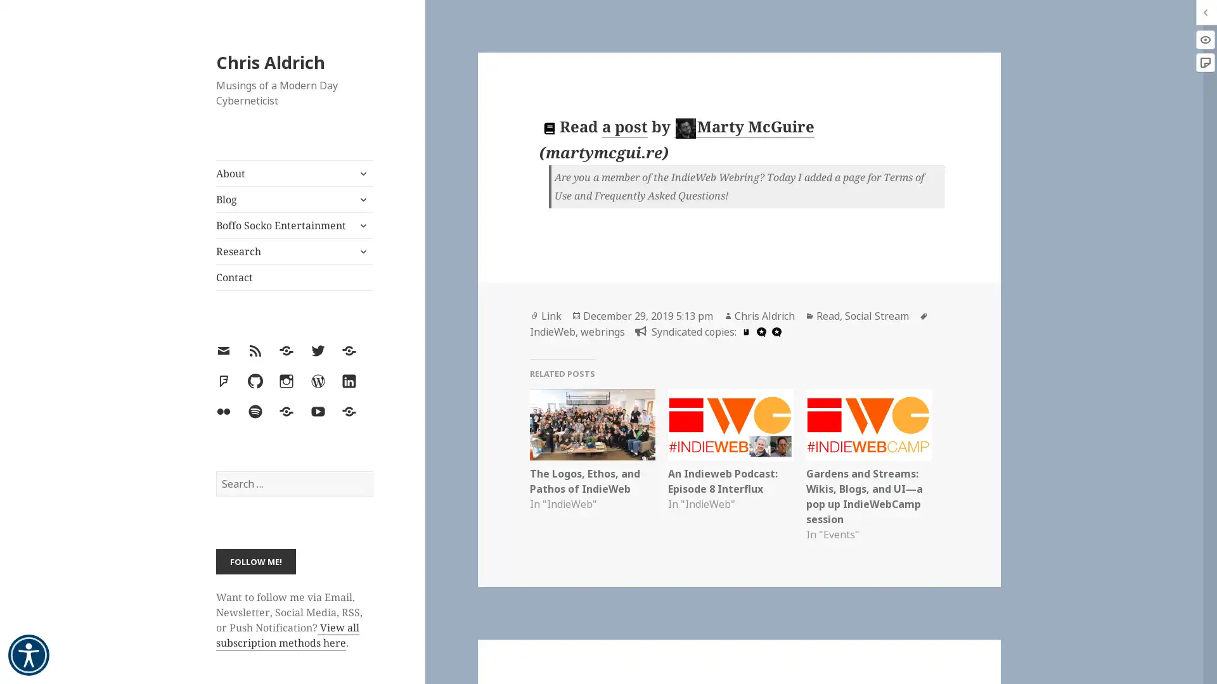  I want to click on Show highlights, so click(1204, 39).